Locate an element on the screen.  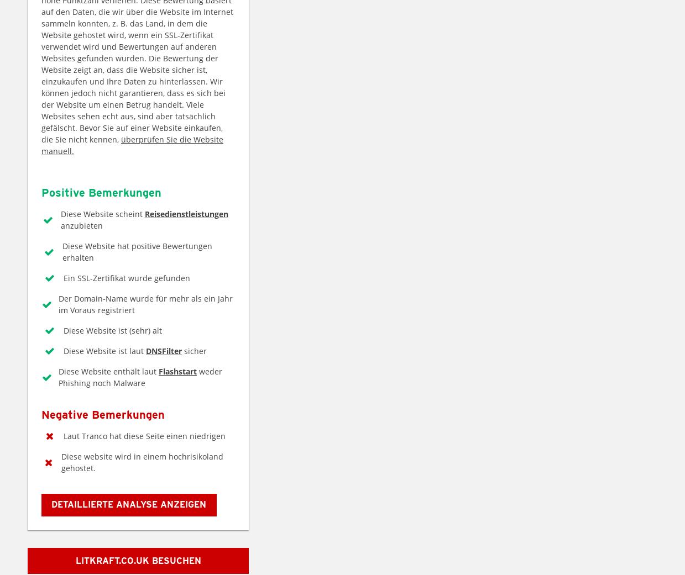
'Diese Website scheint' is located at coordinates (101, 213).